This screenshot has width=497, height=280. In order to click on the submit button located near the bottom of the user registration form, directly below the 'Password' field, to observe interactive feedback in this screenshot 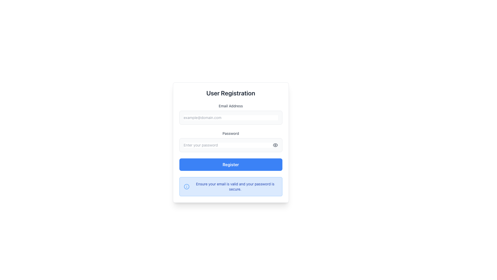, I will do `click(230, 165)`.